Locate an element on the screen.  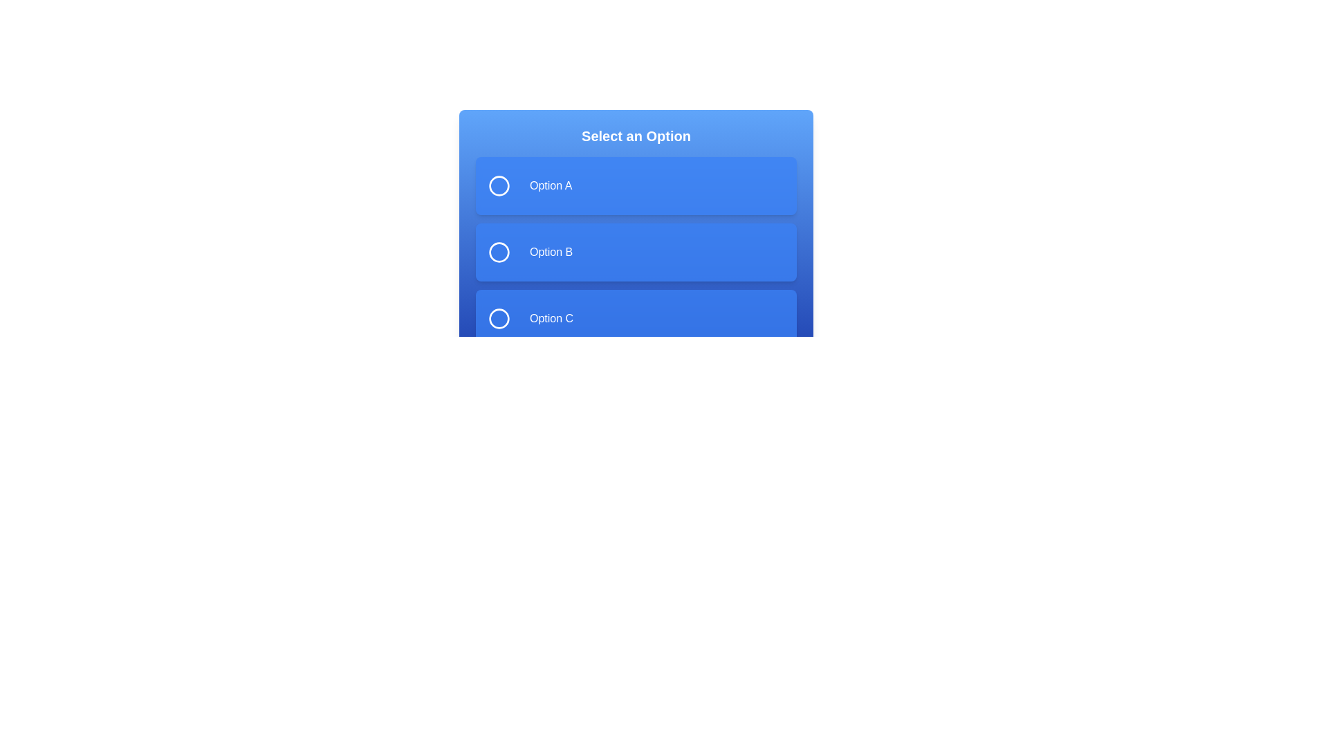
the text label displaying 'Option A' which is located within a blue rectangular block at the specified coordinates is located at coordinates (550, 185).